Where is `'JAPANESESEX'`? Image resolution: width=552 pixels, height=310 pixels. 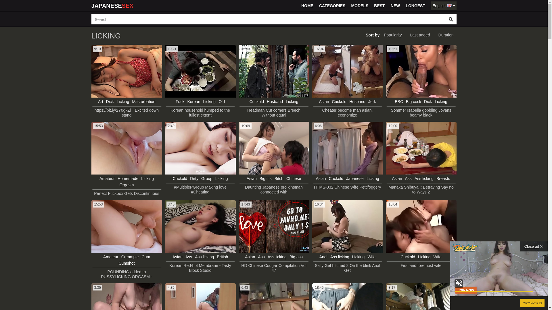
'JAPANESESEX' is located at coordinates (91, 6).